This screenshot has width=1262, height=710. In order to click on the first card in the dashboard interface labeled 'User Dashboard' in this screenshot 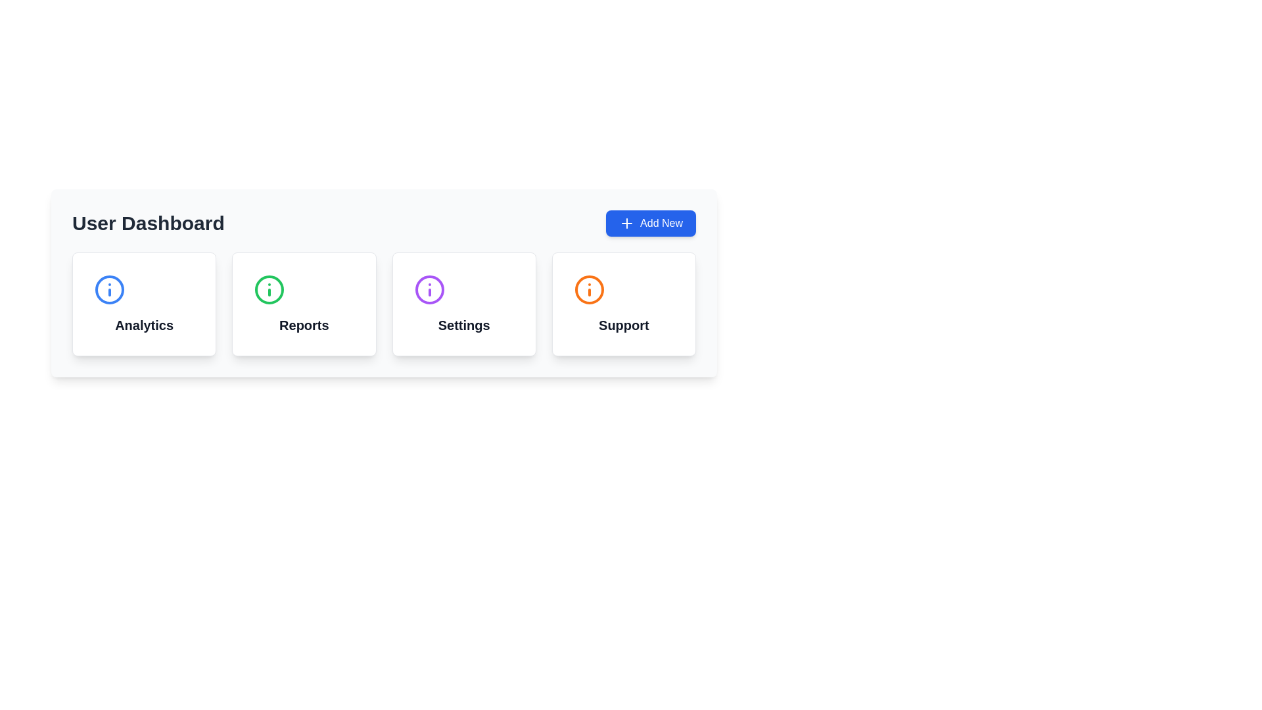, I will do `click(144, 304)`.